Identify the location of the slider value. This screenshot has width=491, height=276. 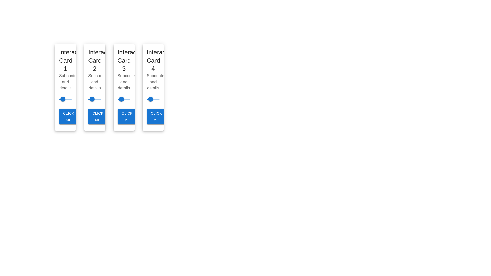
(118, 99).